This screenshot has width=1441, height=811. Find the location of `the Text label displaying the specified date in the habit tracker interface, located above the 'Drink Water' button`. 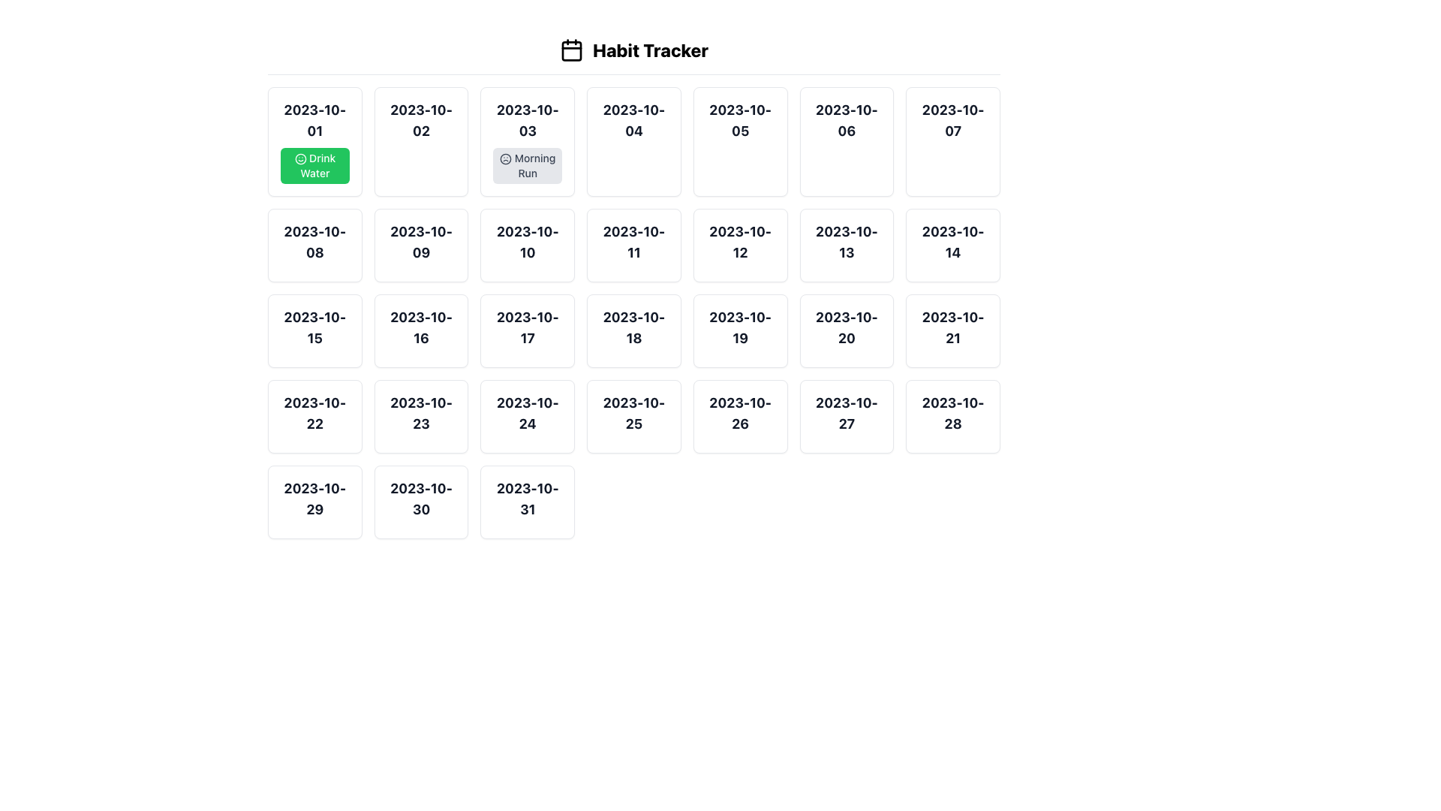

the Text label displaying the specified date in the habit tracker interface, located above the 'Drink Water' button is located at coordinates (314, 120).